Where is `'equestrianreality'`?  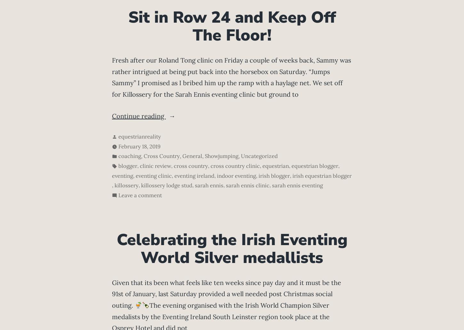
'equestrianreality' is located at coordinates (139, 136).